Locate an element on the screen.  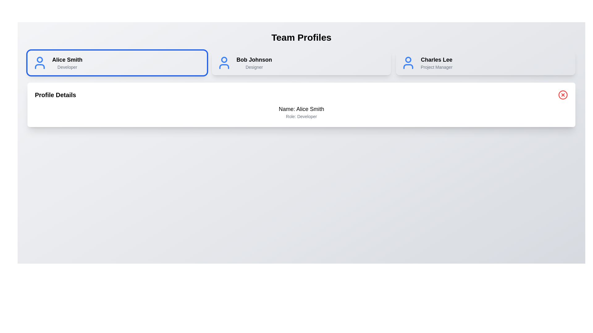
the text display component within the second profile card layout that presents the name and professional title of an individual user, located between the profile cards labeled 'Alice Smith' and 'Charles Lee' is located at coordinates (254, 63).